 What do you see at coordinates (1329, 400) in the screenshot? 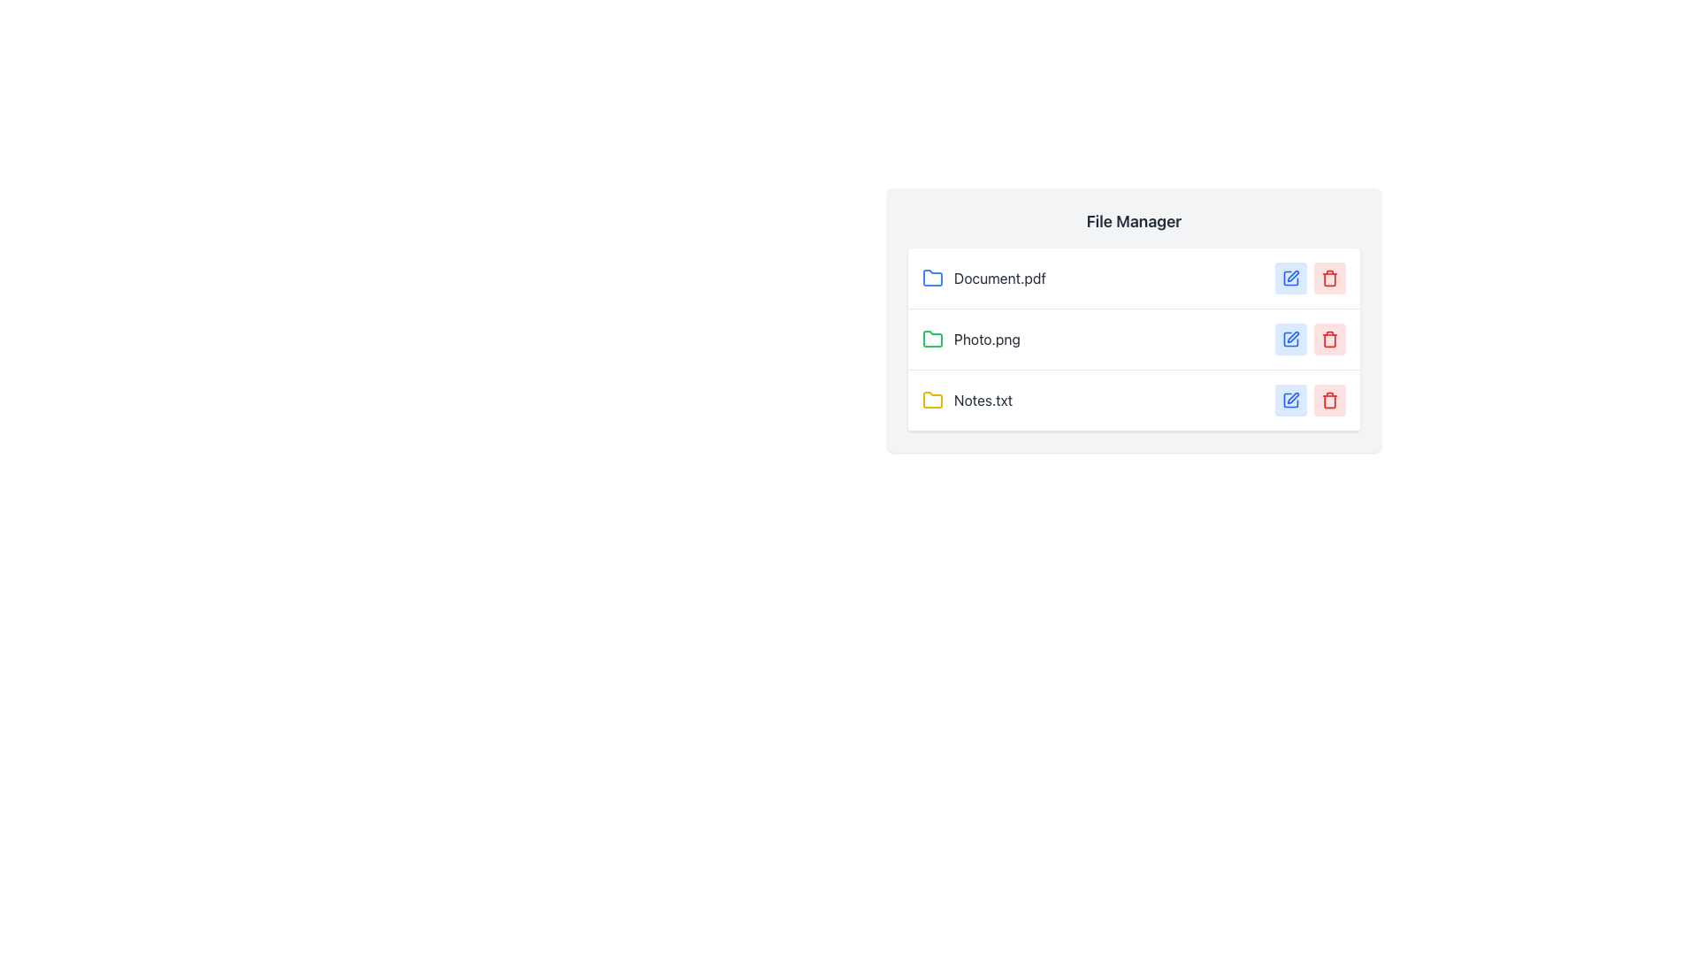
I see `the red-colored trash can icon button in the action column of the file manager interface corresponding to 'Notes.txt' to possibly see a tooltip or effect` at bounding box center [1329, 400].